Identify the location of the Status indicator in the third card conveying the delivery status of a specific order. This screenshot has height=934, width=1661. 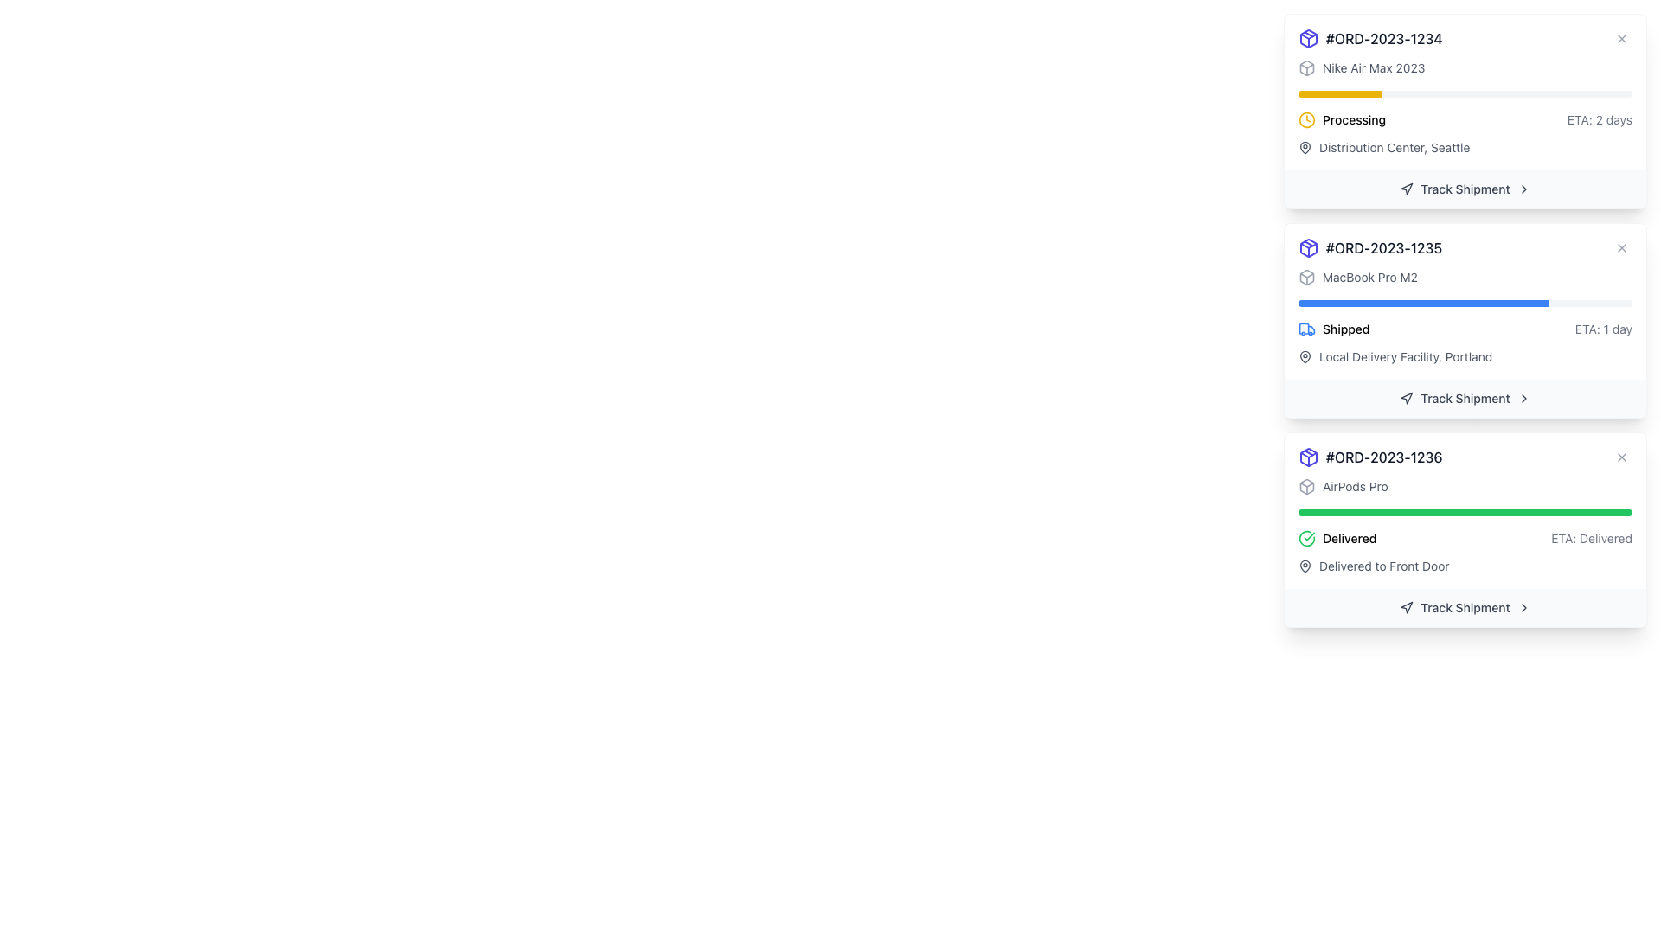
(1465, 538).